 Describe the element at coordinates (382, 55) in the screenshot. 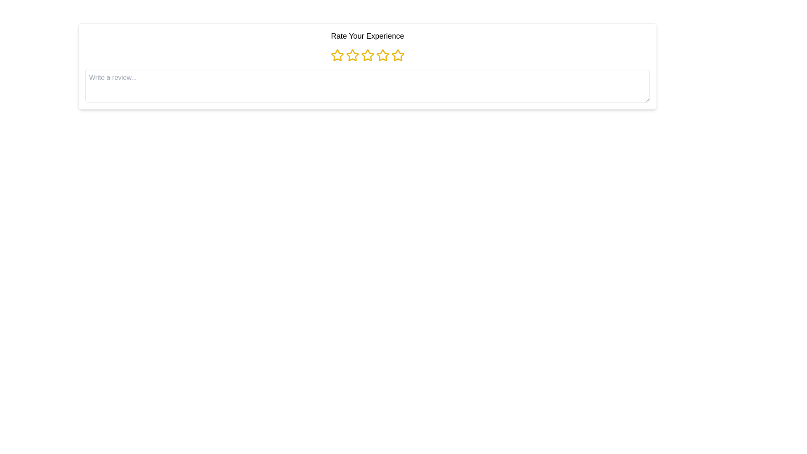

I see `the fourth yellow star icon in the rating section beneath 'Rate Your Experience'` at that location.